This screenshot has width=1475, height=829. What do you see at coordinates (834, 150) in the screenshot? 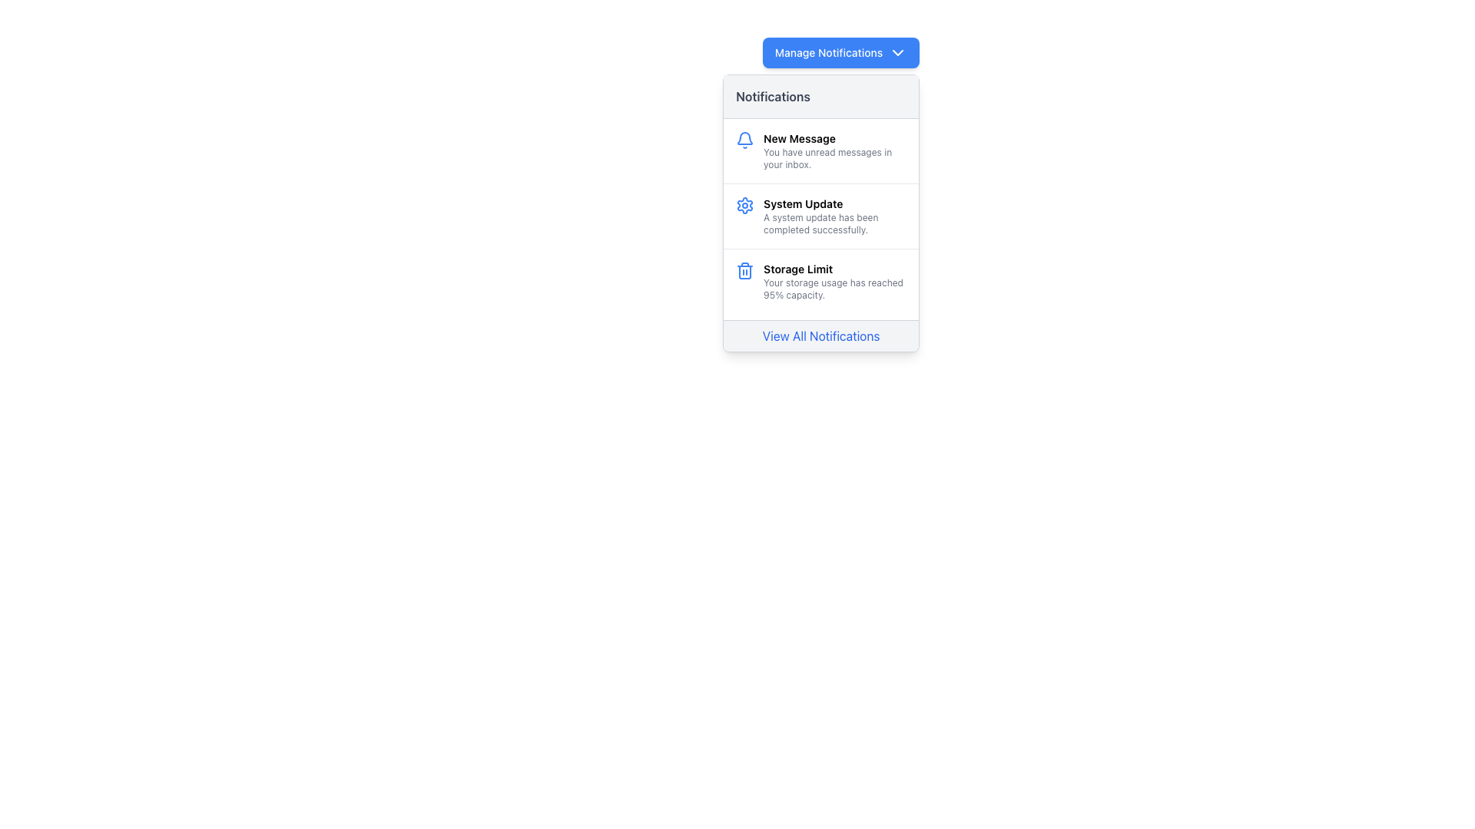
I see `the notification message Text Block that informs the user about unread messages, located at the top of the notification list` at bounding box center [834, 150].